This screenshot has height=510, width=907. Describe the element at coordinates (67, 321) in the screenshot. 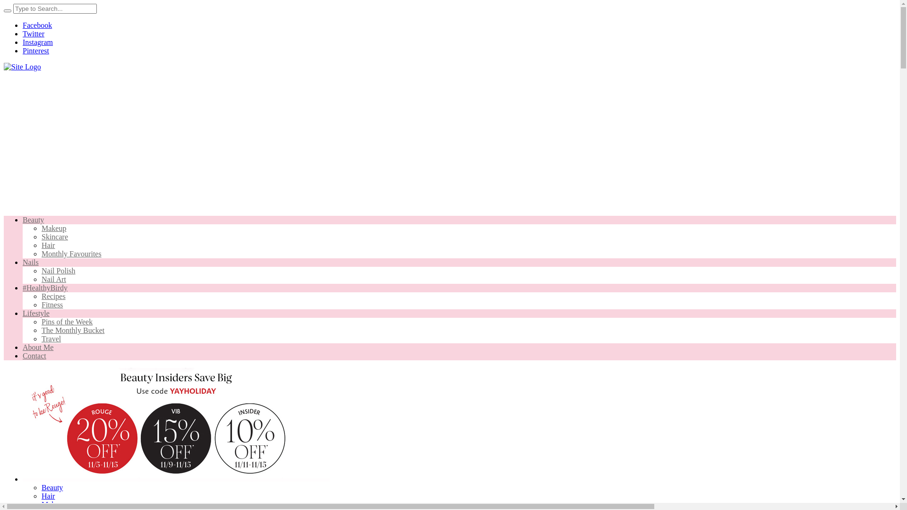

I see `'Pins of the Week'` at that location.